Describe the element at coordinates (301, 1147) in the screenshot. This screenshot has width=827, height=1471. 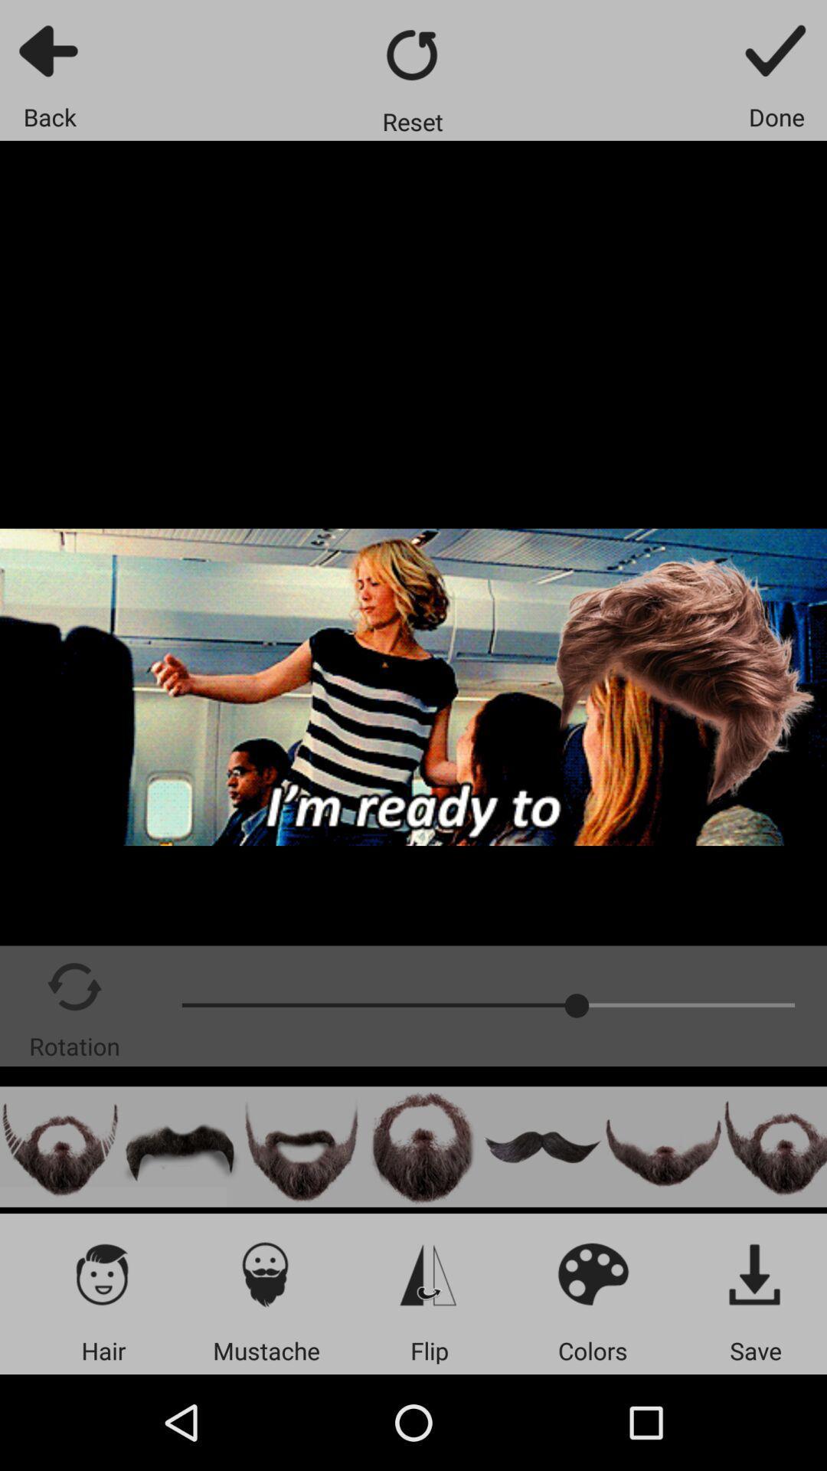
I see `full beard` at that location.